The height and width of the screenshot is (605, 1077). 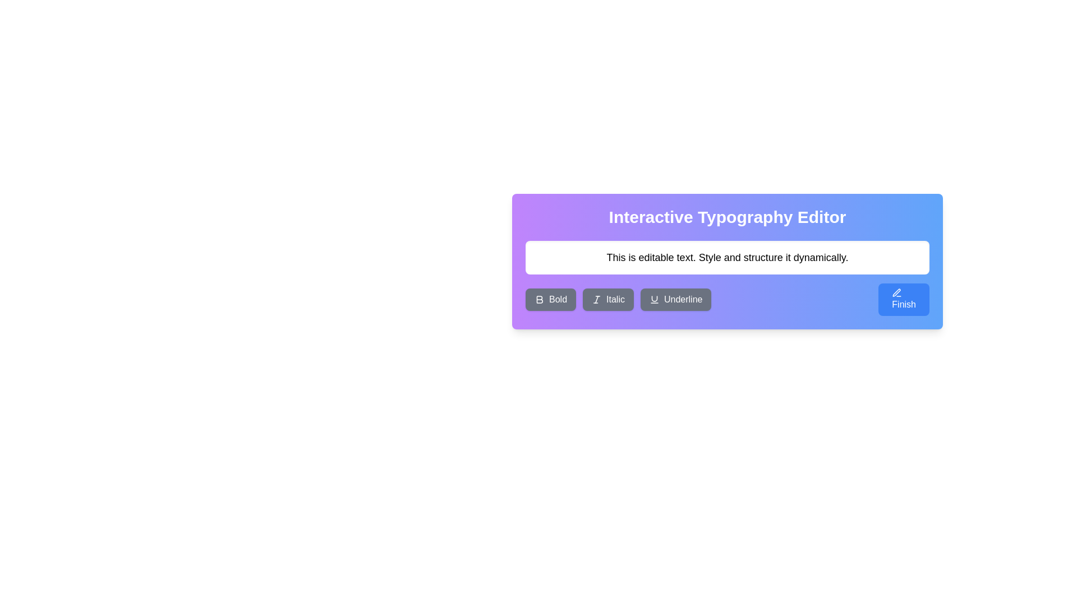 What do you see at coordinates (596, 299) in the screenshot?
I see `the 'Italic' icon in the text formatting toolbar` at bounding box center [596, 299].